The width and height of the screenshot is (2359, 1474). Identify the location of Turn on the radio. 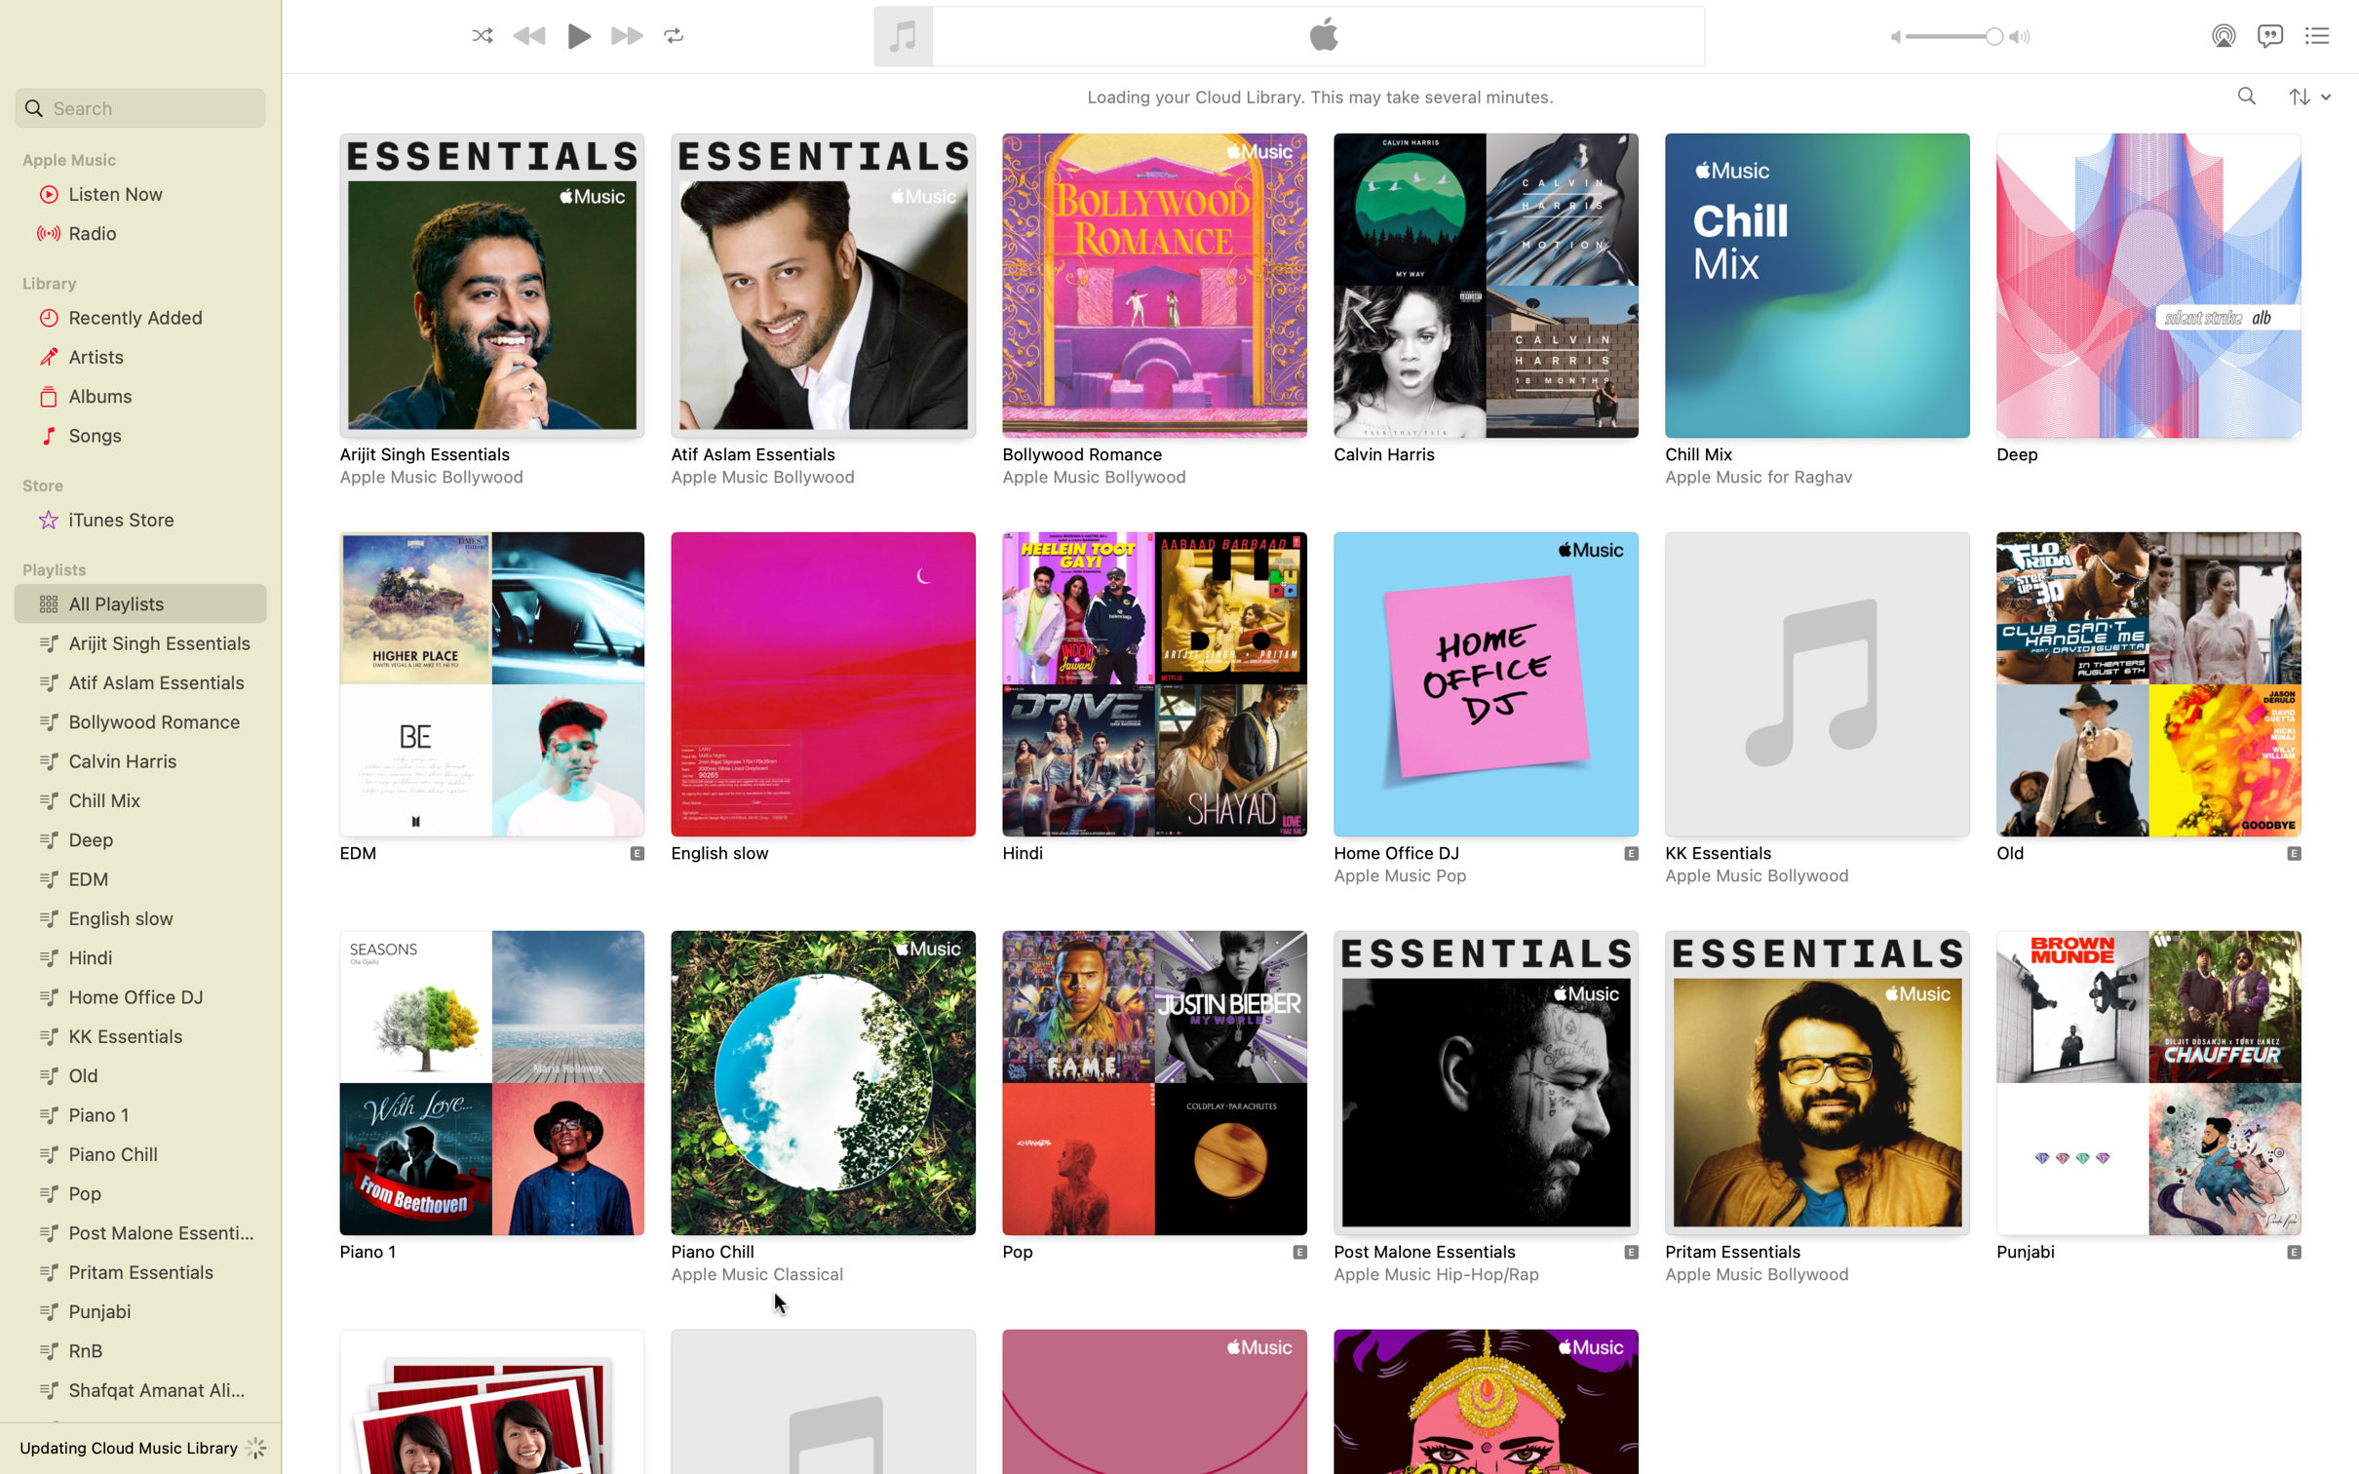
(139, 234).